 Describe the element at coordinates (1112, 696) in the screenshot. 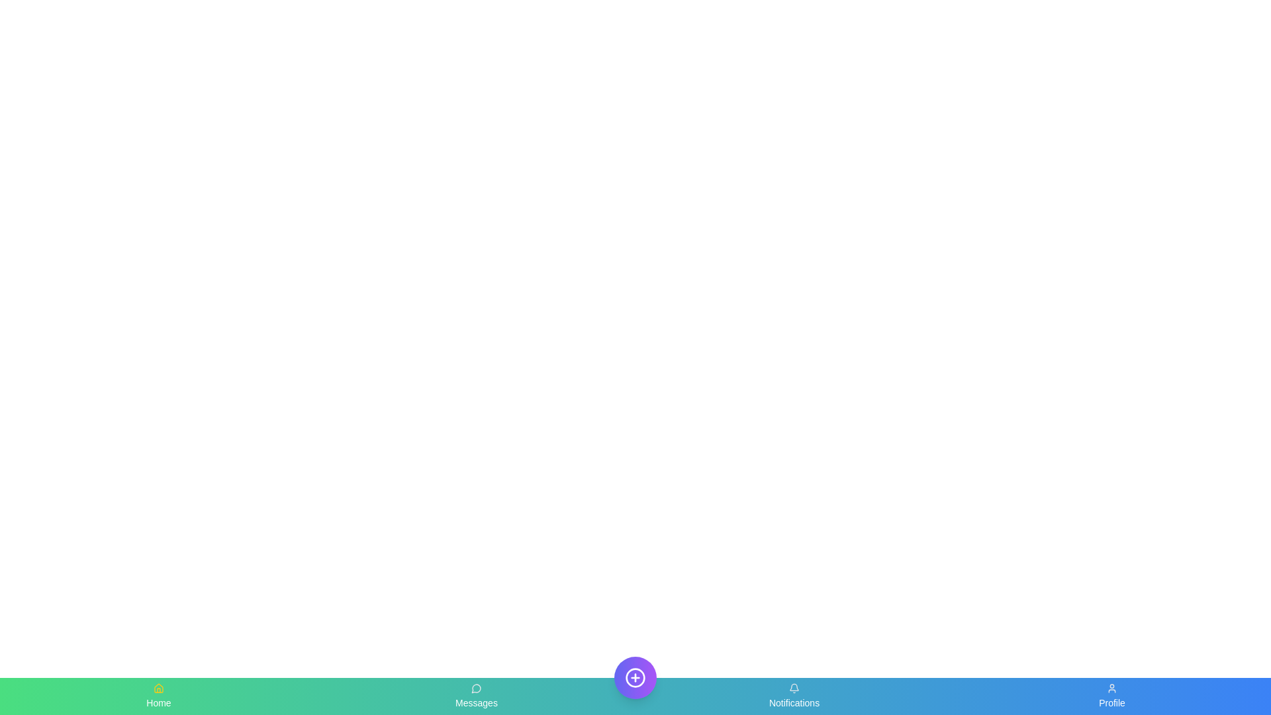

I see `the Profile tab in the bottom navigation bar` at that location.